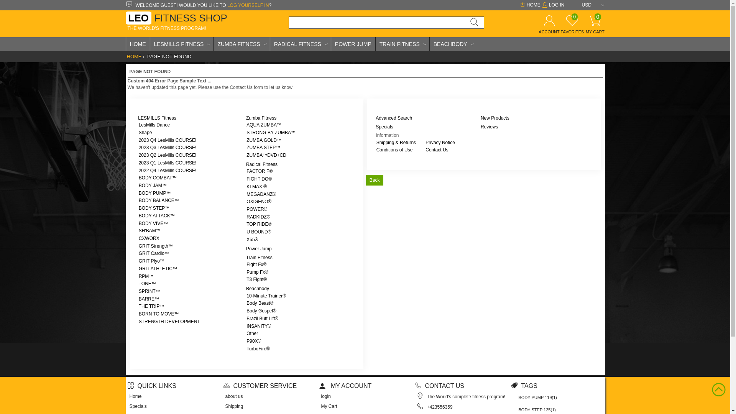 Image resolution: width=736 pixels, height=414 pixels. What do you see at coordinates (329, 406) in the screenshot?
I see `'My Cart'` at bounding box center [329, 406].